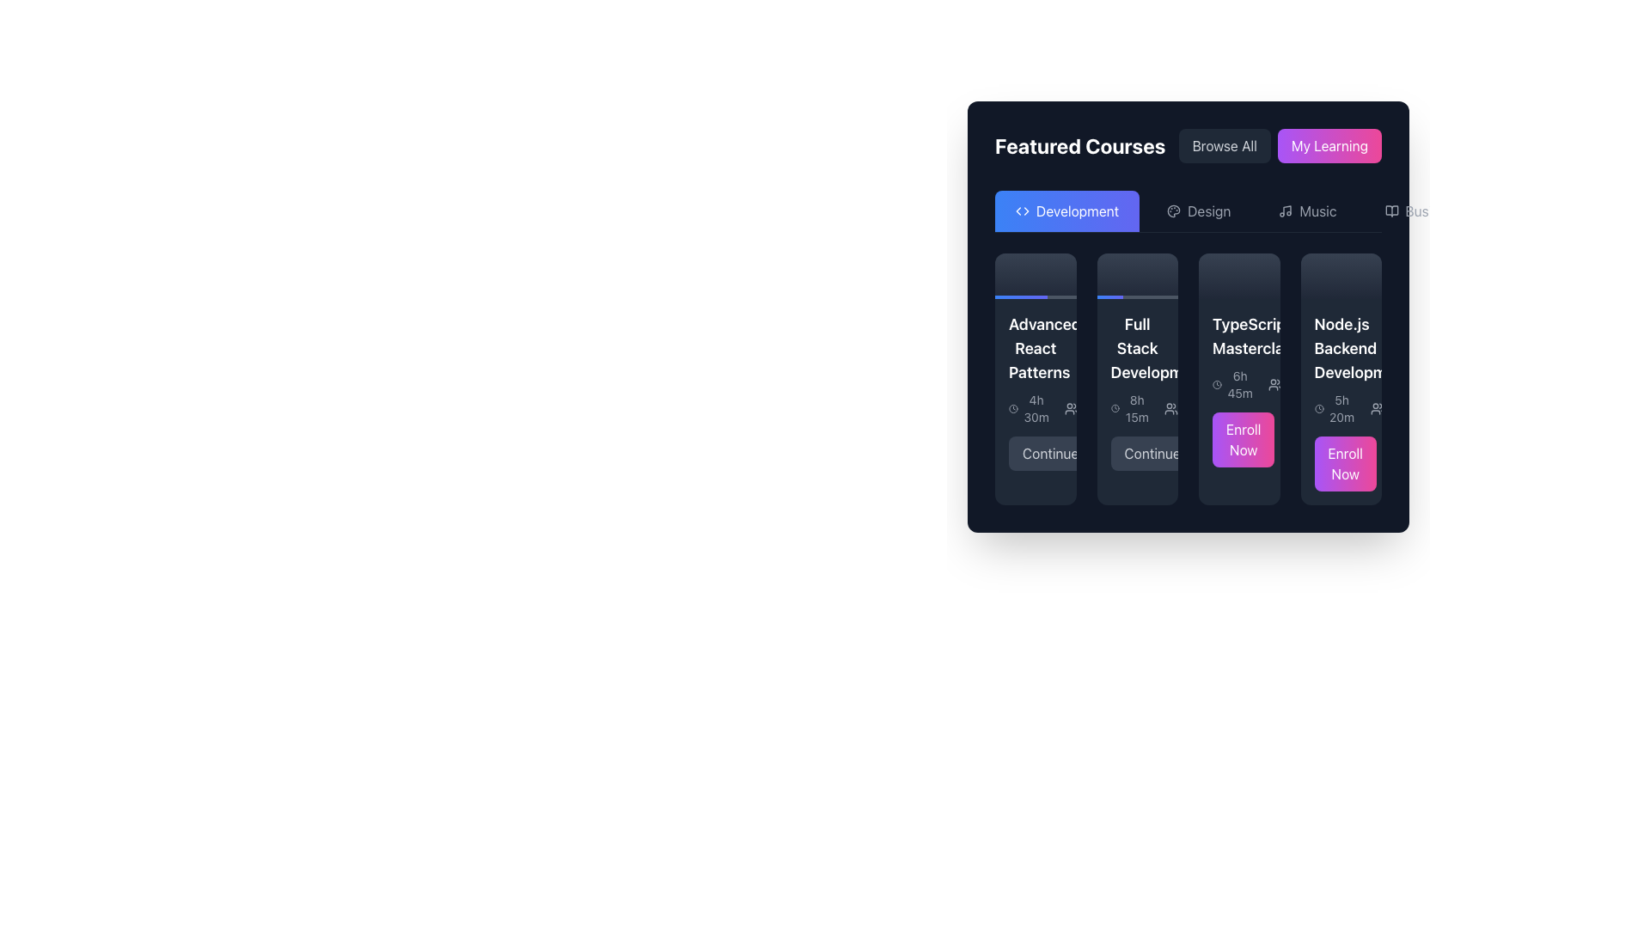 The height and width of the screenshot is (928, 1650). Describe the element at coordinates (1035, 275) in the screenshot. I see `the video background placeholder in the upper section of the 'Advanced React Patterns' card to interact with the associated content` at that location.